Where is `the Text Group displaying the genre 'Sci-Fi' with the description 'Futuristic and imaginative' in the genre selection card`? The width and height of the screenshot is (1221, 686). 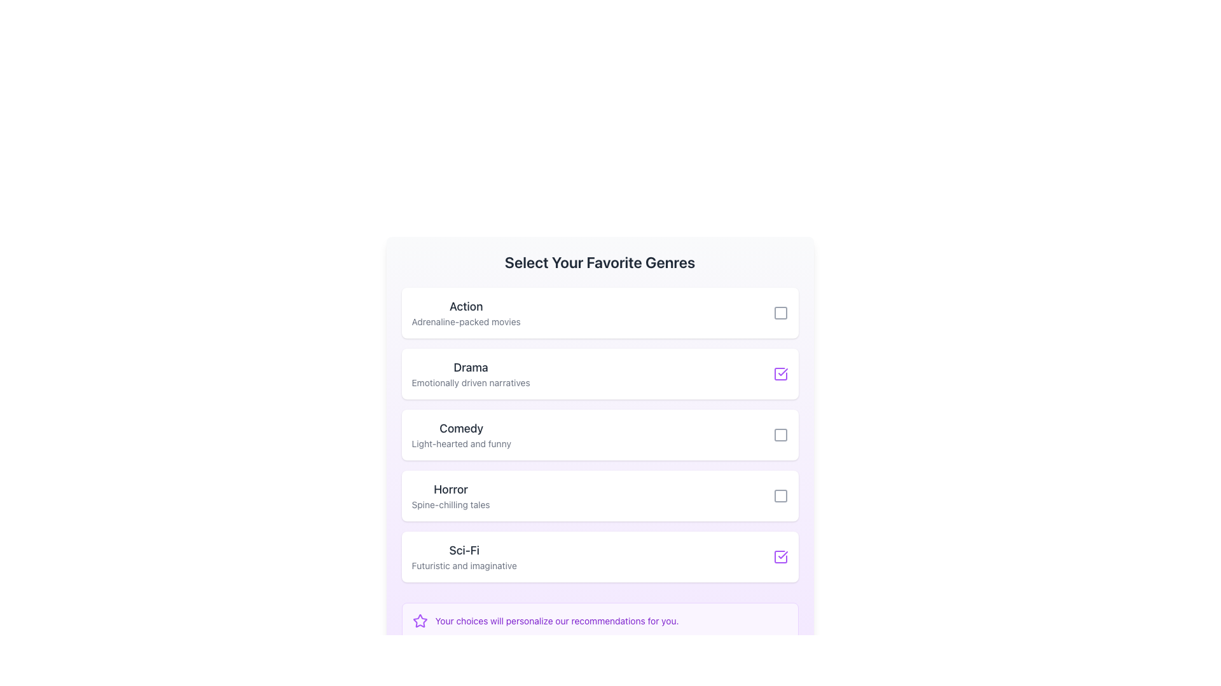
the Text Group displaying the genre 'Sci-Fi' with the description 'Futuristic and imaginative' in the genre selection card is located at coordinates (464, 556).